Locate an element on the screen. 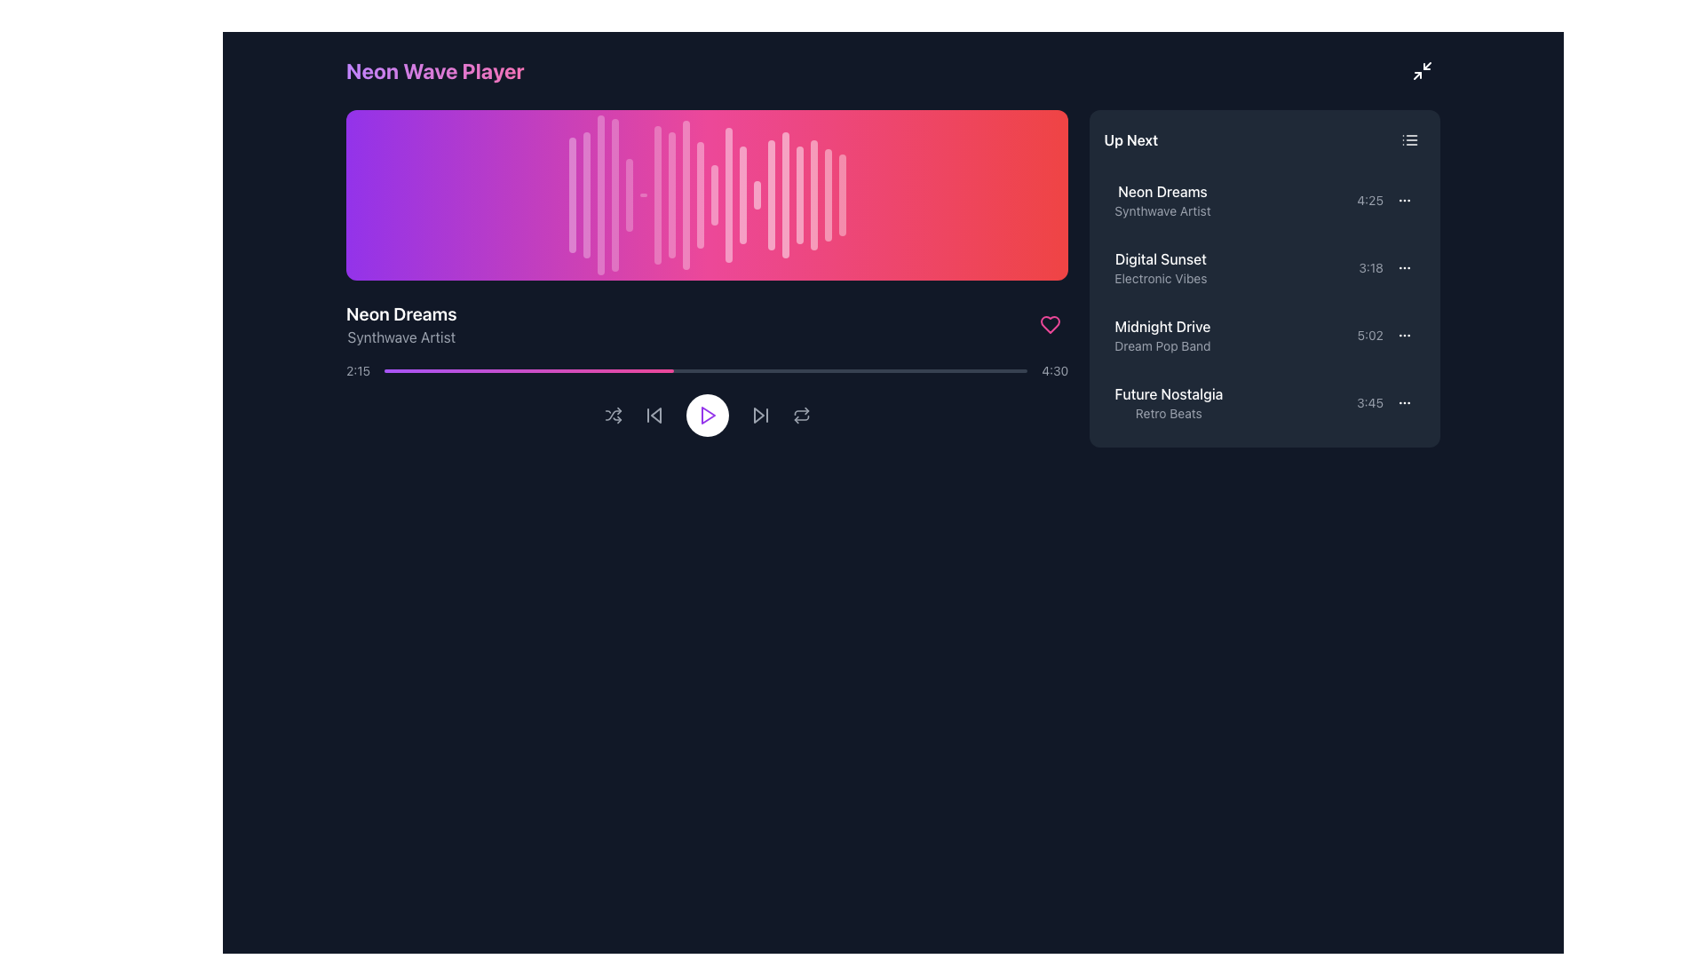 This screenshot has height=959, width=1705. the left-pointing double-arrow icon button, which is the second button from the left in the media control bar is located at coordinates (653, 415).